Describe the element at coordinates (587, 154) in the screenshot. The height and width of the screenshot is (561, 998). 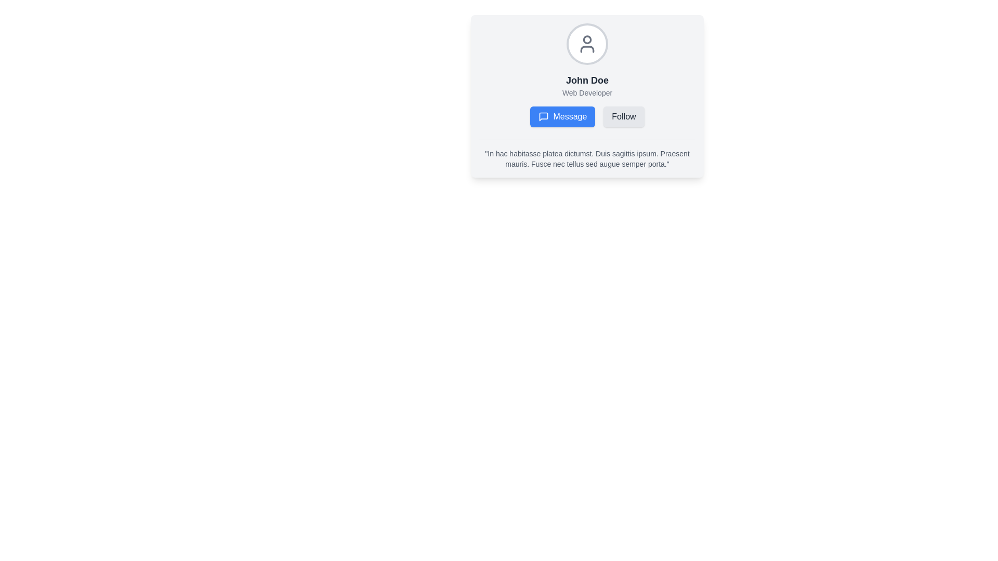
I see `the Text block at the bottom of the user information card, which features gray text and is separated by a divider line from the action buttons above` at that location.